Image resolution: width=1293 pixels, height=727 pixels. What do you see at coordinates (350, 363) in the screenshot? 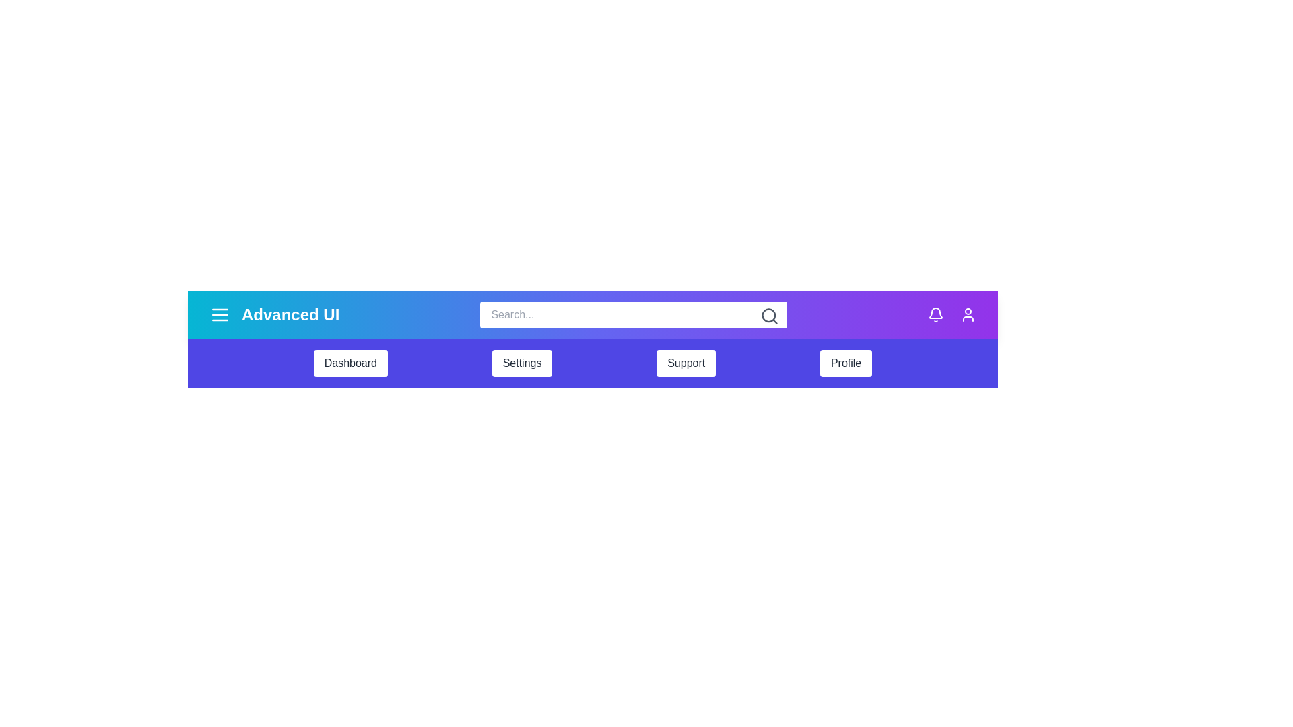
I see `the navigation item labeled Dashboard to see its hover effect` at bounding box center [350, 363].